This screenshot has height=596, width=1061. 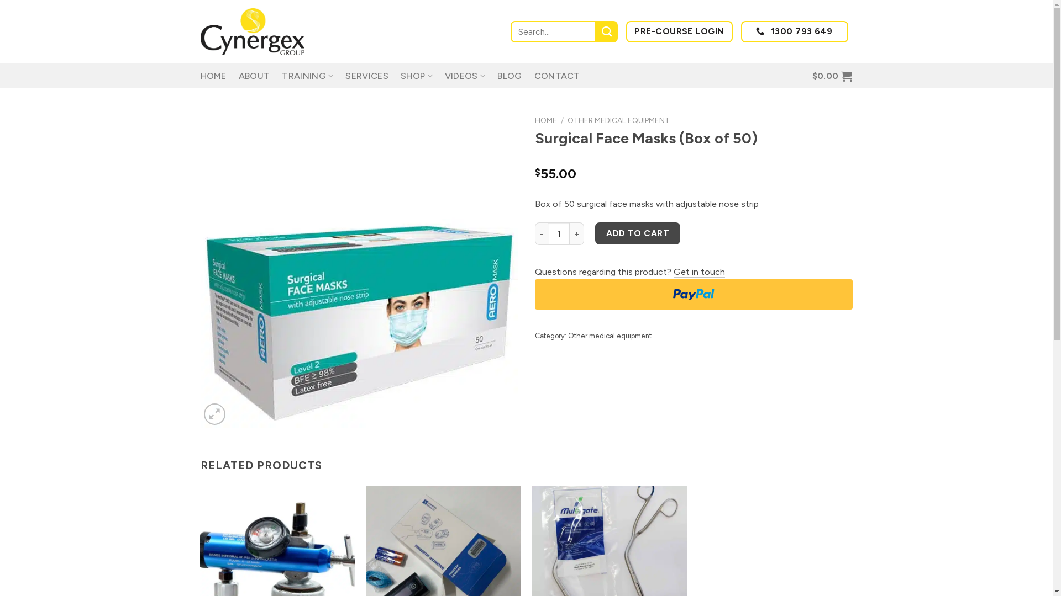 I want to click on 'Search', so click(x=596, y=31).